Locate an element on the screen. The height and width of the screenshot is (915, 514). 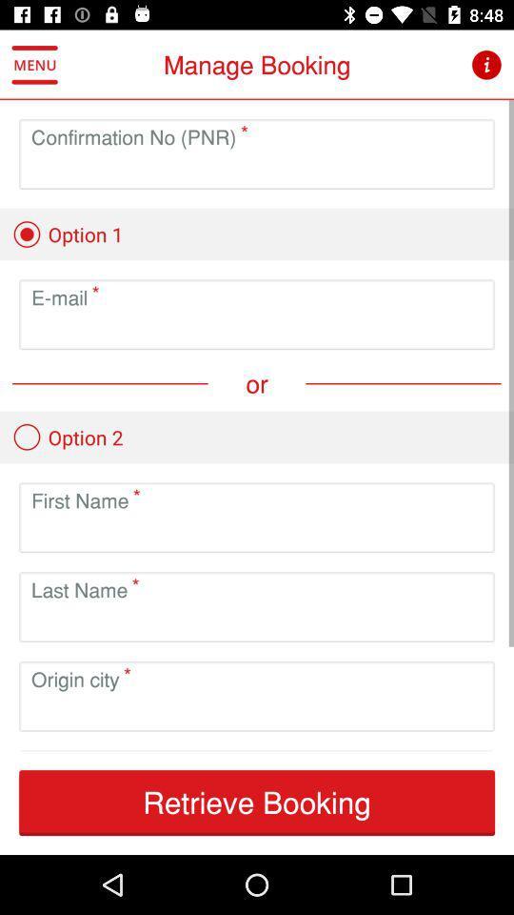
the icon above the first name icon is located at coordinates (67, 437).